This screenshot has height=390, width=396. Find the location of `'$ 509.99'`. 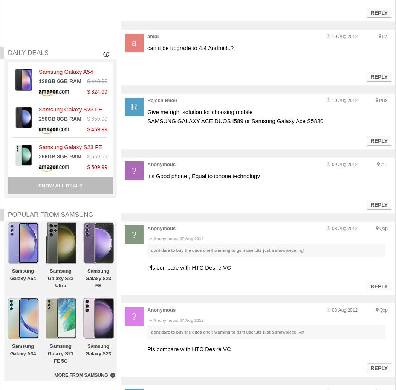

'$ 509.99' is located at coordinates (97, 166).